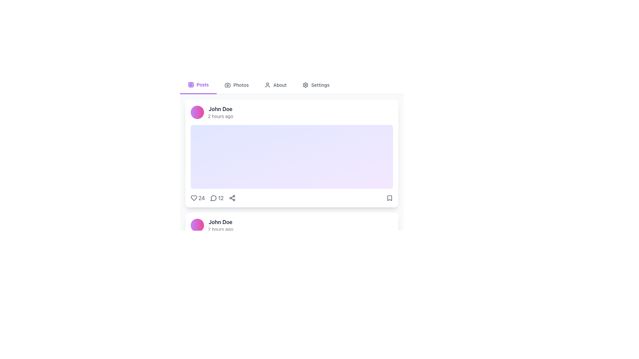 This screenshot has width=639, height=359. Describe the element at coordinates (190, 84) in the screenshot. I see `the SVG icon resembling a 3x3 grid located to the left of the 'Posts' label in the tab bar at the top of the interface` at that location.